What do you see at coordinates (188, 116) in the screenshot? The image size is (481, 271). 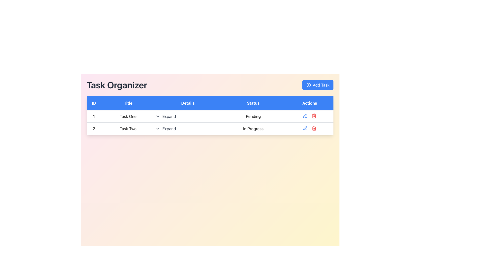 I see `the 'Expand' dropdown indicator in the first row of the task table` at bounding box center [188, 116].